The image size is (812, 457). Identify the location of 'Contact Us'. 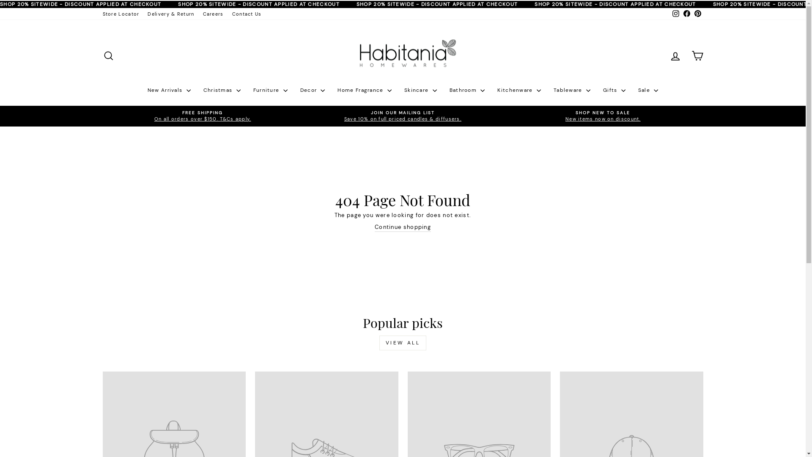
(247, 14).